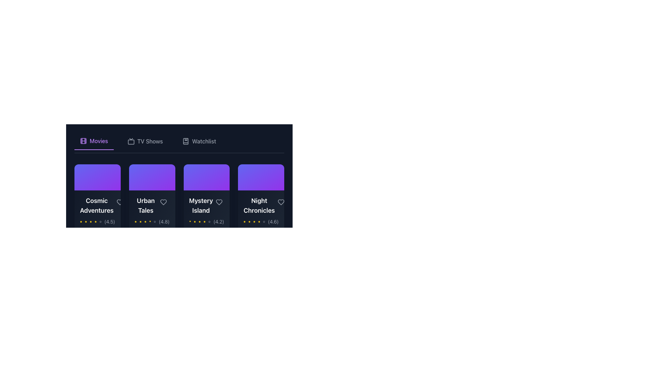 The image size is (668, 376). What do you see at coordinates (254, 221) in the screenshot?
I see `the fourth star icon with a yellow fill and outline, indicating a rating of (4.6) under the title 'Night Chronicles'` at bounding box center [254, 221].